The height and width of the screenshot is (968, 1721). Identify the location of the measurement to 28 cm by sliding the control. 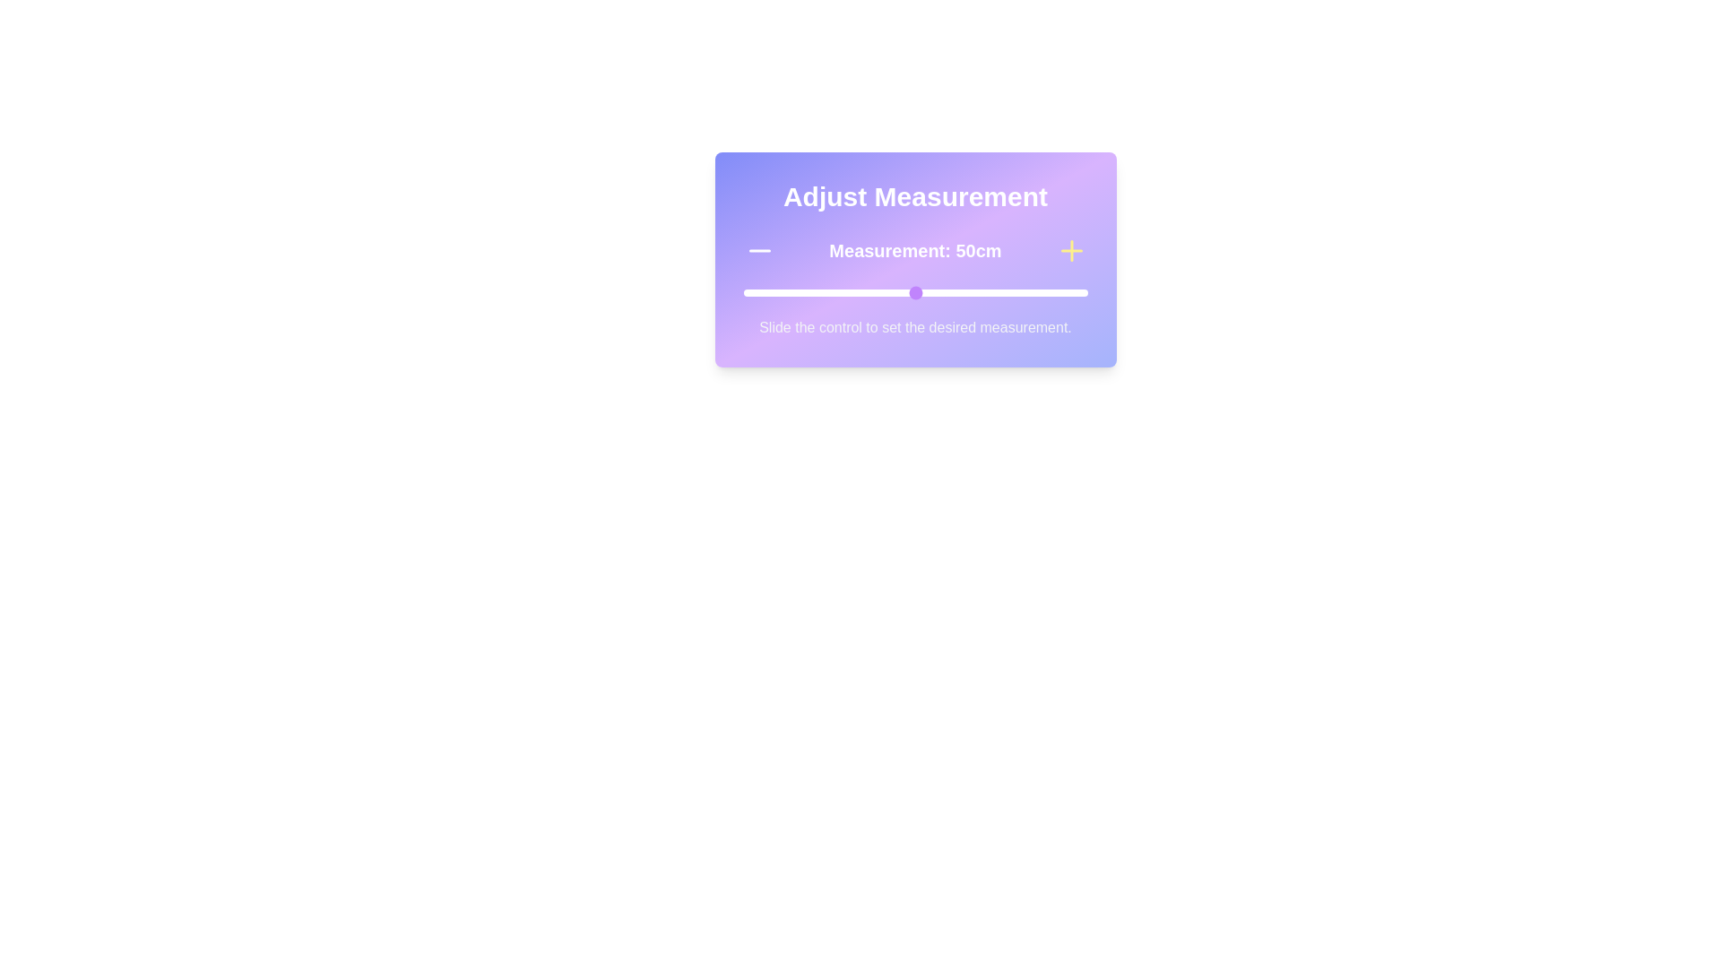
(838, 292).